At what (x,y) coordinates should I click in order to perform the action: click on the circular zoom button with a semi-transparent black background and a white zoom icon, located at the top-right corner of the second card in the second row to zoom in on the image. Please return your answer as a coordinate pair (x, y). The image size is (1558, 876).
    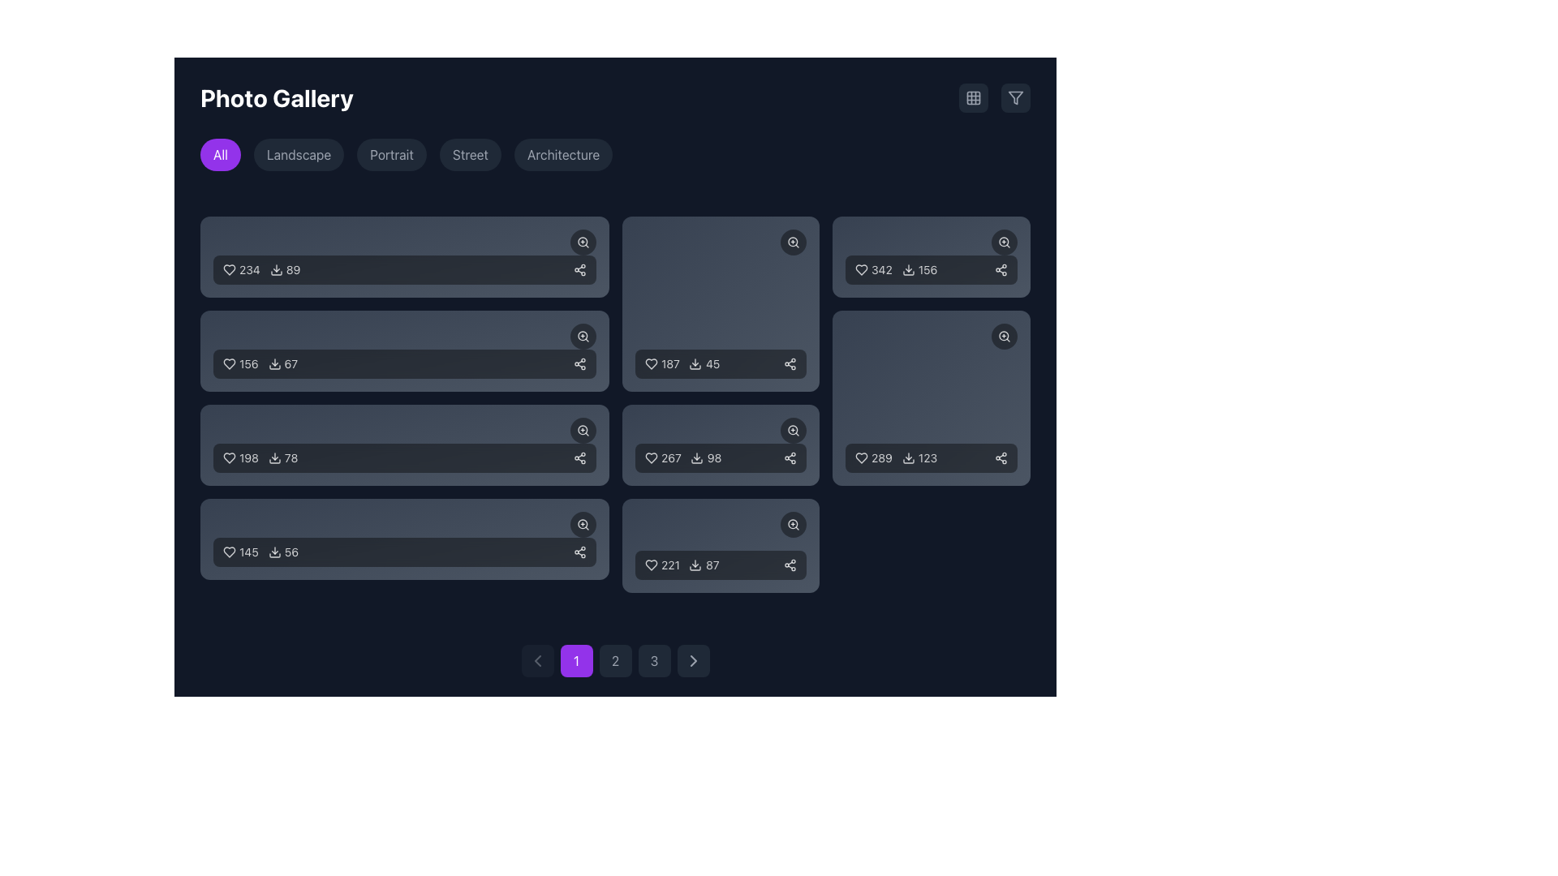
    Looking at the image, I should click on (794, 243).